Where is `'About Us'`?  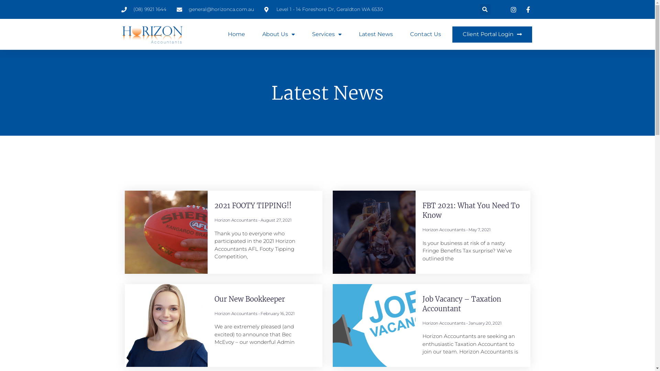 'About Us' is located at coordinates (278, 34).